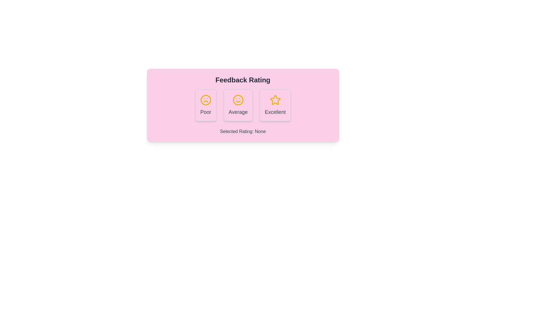  I want to click on the 'Average' button styled as a selectable card in the feedback rating system, so click(238, 105).